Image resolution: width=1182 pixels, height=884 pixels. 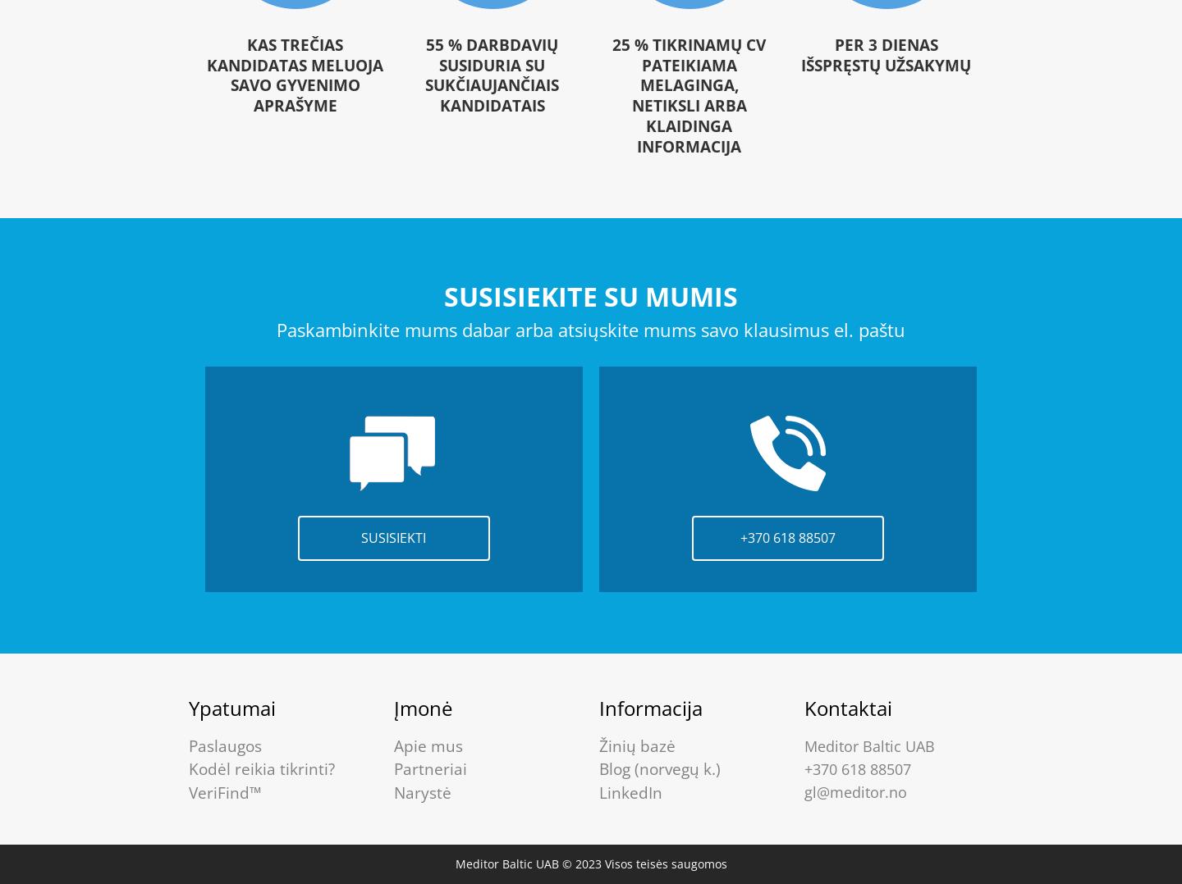 What do you see at coordinates (590, 863) in the screenshot?
I see `'Meditor Baltic UAB © 2023 Visos teisės saugomos'` at bounding box center [590, 863].